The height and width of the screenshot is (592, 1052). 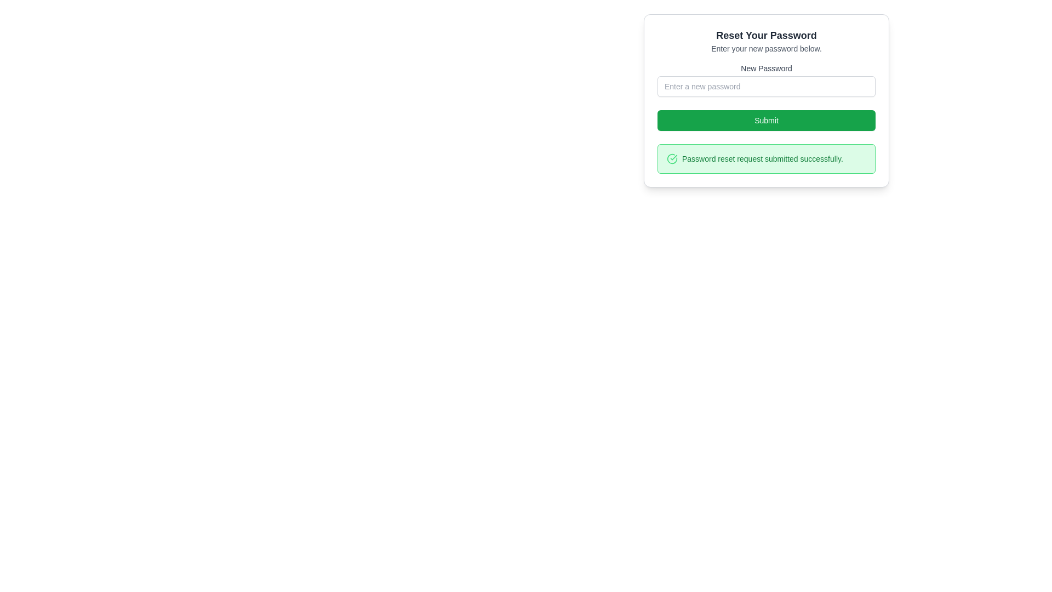 What do you see at coordinates (765, 35) in the screenshot?
I see `the bold heading text 'Reset Your Password' located at the top of the white card-like UI section` at bounding box center [765, 35].